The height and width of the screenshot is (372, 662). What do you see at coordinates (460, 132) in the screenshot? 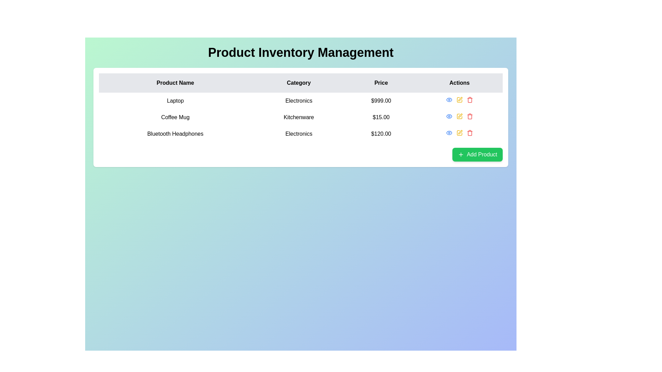
I see `the 'edit' icon button located in the Actions column of the product 'Bluetooth Headphones'` at bounding box center [460, 132].